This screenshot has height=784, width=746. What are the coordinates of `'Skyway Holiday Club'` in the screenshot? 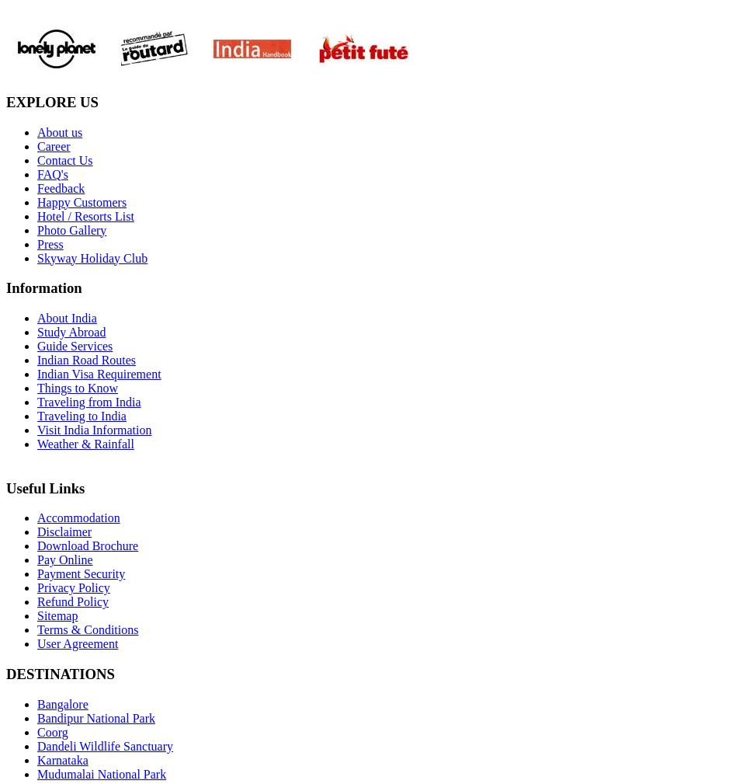 It's located at (91, 256).